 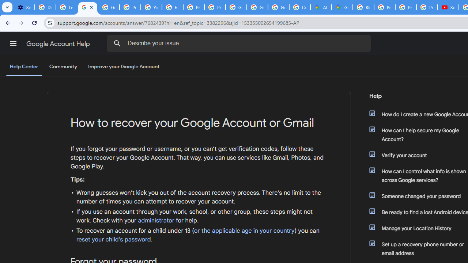 I want to click on 'Create your Google Account', so click(x=299, y=7).